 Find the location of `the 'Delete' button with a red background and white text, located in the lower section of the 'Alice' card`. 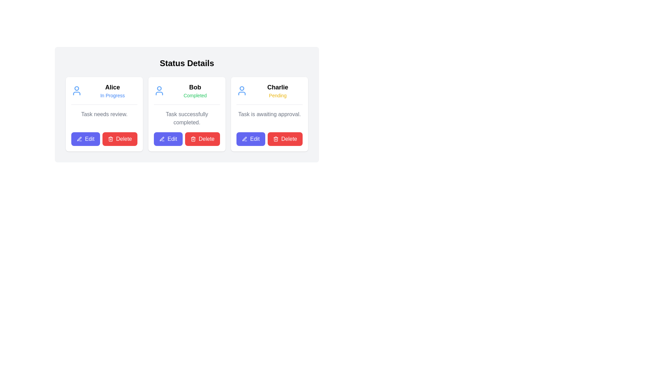

the 'Delete' button with a red background and white text, located in the lower section of the 'Alice' card is located at coordinates (120, 139).